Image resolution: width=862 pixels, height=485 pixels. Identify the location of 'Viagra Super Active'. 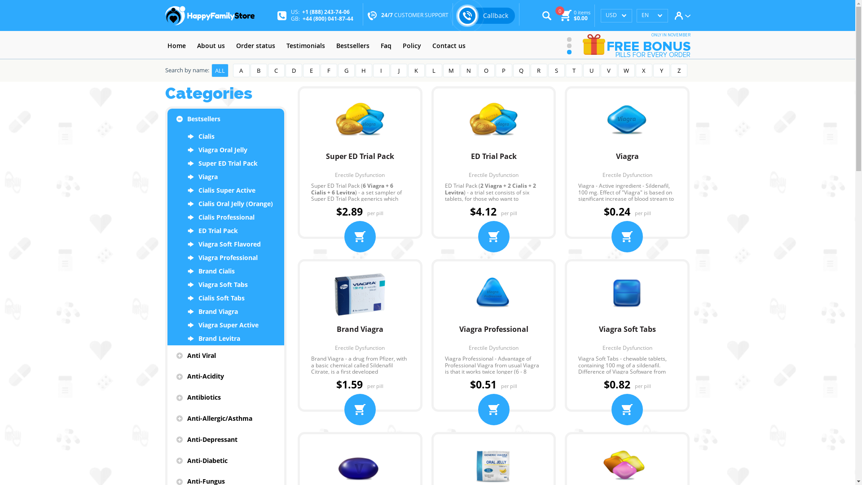
(225, 325).